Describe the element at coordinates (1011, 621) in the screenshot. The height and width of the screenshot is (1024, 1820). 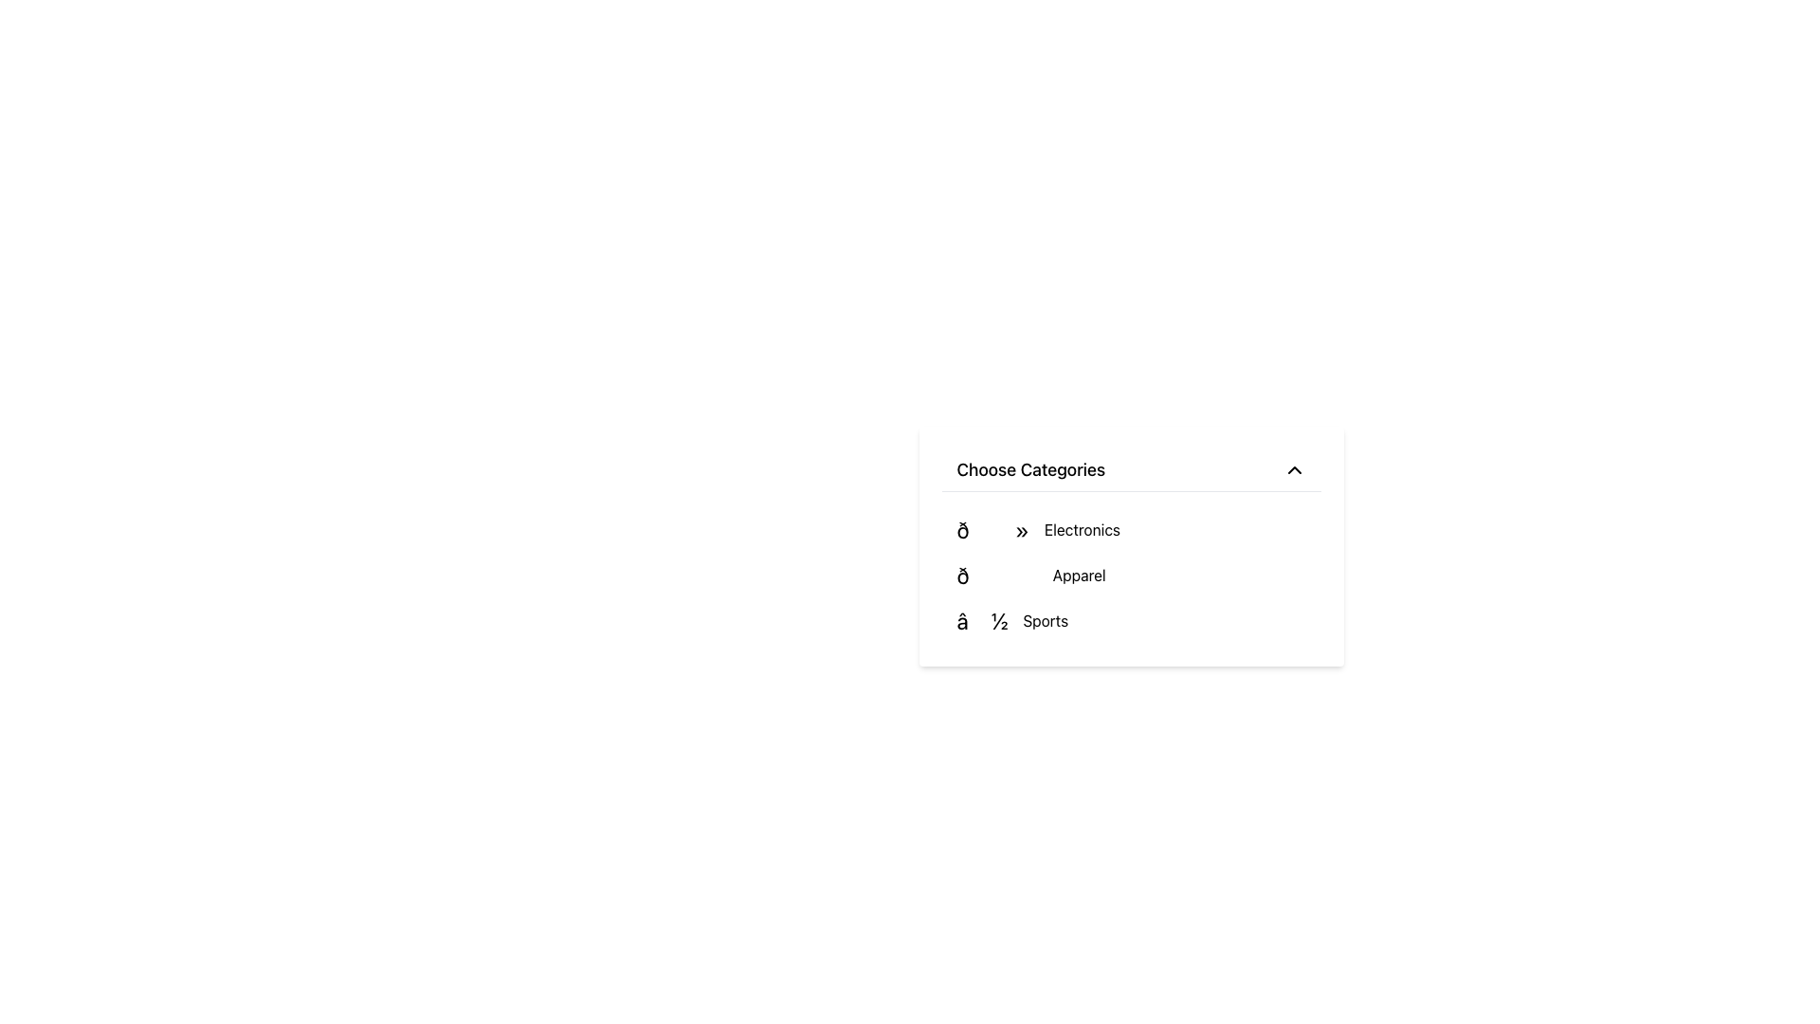
I see `to select the 'Sports' category from the bottom row of the 'Choose Categories' dropdown menu, which displays the text '⚽ Sports' alongside a soccer ball emoji` at that location.